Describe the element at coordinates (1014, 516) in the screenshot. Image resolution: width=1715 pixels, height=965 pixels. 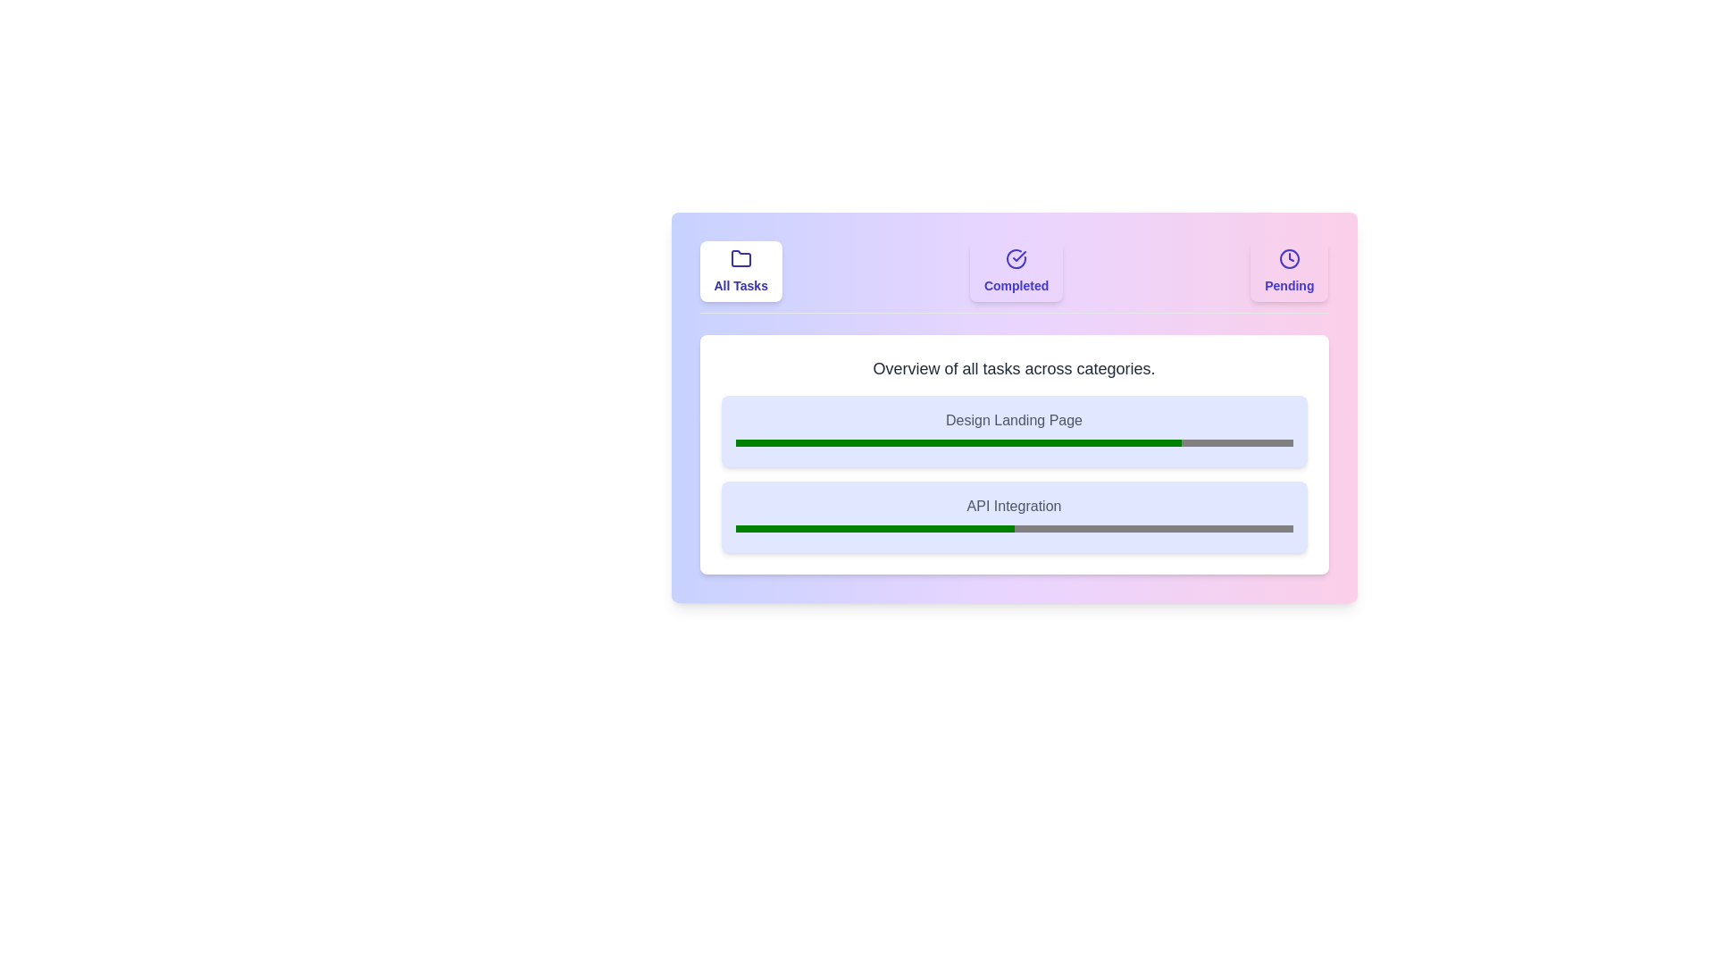
I see `the progress bar labeled 'API Integration' which is the second item in a vertically stacked list, located beneath the 'Design Landing Page' section` at that location.